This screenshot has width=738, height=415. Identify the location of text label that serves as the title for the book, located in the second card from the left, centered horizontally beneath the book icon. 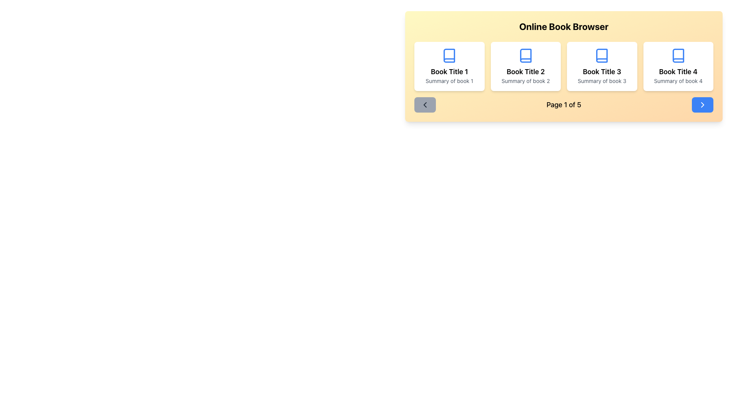
(525, 71).